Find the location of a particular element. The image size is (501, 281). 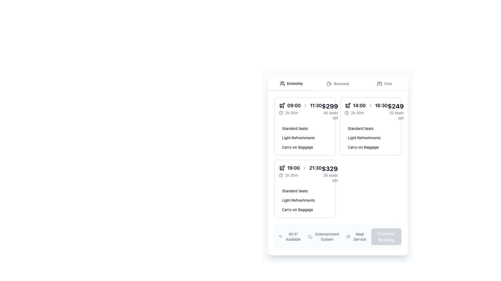

the flight option icon is located at coordinates (348, 105).